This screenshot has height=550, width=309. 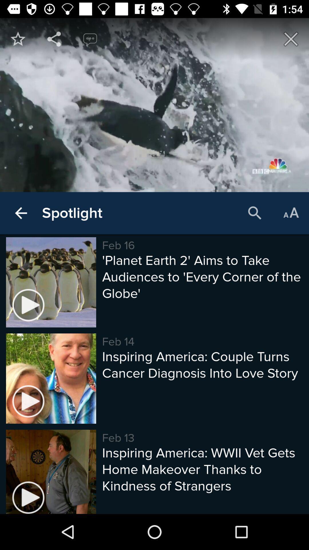 What do you see at coordinates (54, 39) in the screenshot?
I see `the share icon` at bounding box center [54, 39].